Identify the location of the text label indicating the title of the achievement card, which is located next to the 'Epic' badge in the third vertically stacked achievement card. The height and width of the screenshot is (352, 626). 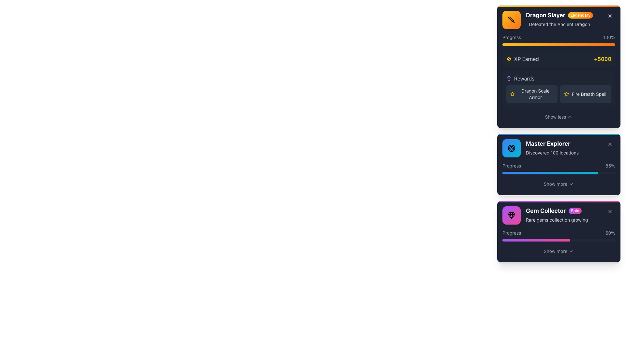
(546, 211).